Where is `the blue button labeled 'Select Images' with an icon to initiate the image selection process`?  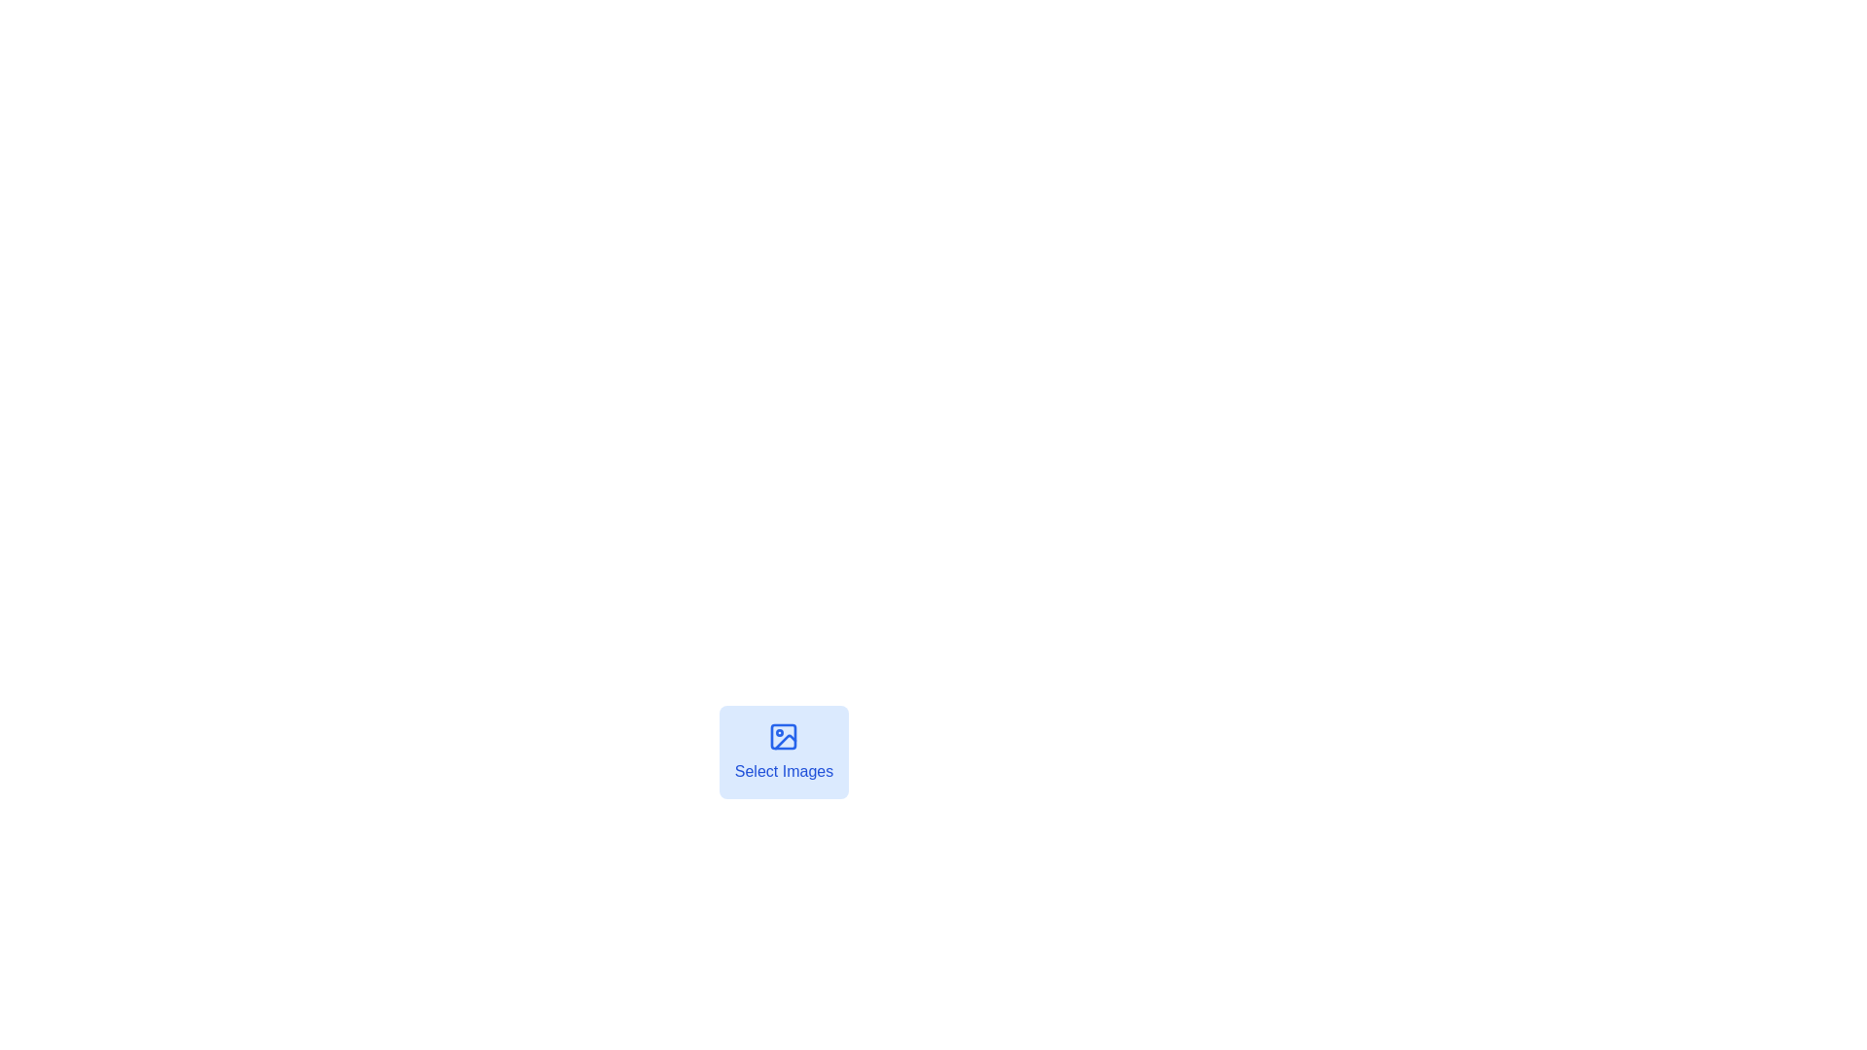 the blue button labeled 'Select Images' with an icon to initiate the image selection process is located at coordinates (784, 759).